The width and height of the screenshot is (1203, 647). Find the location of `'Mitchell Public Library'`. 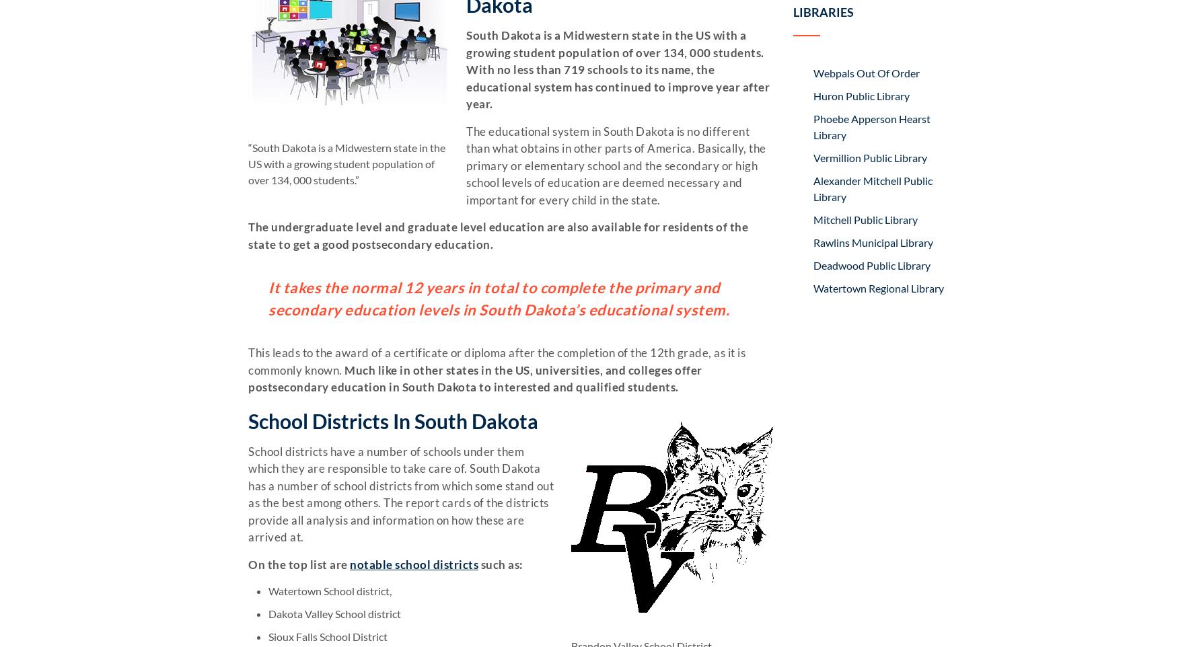

'Mitchell Public Library' is located at coordinates (865, 218).